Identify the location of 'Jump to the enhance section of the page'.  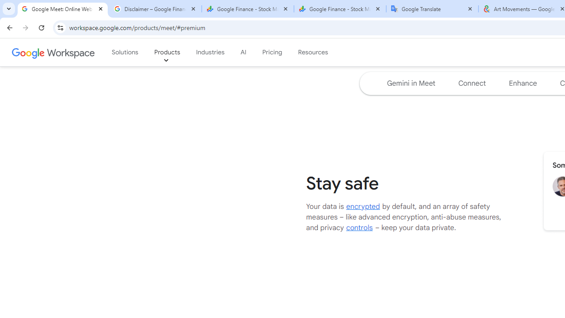
(523, 83).